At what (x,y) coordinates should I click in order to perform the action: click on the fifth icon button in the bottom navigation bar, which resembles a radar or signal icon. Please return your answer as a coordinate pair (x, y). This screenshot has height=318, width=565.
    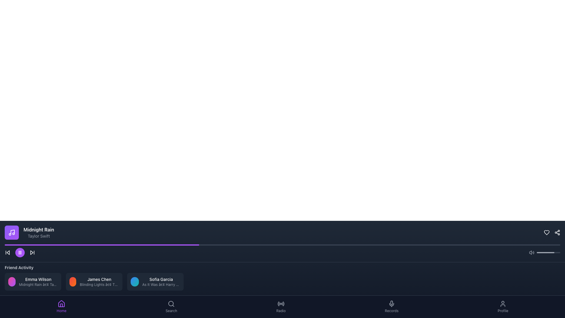
    Looking at the image, I should click on (283, 304).